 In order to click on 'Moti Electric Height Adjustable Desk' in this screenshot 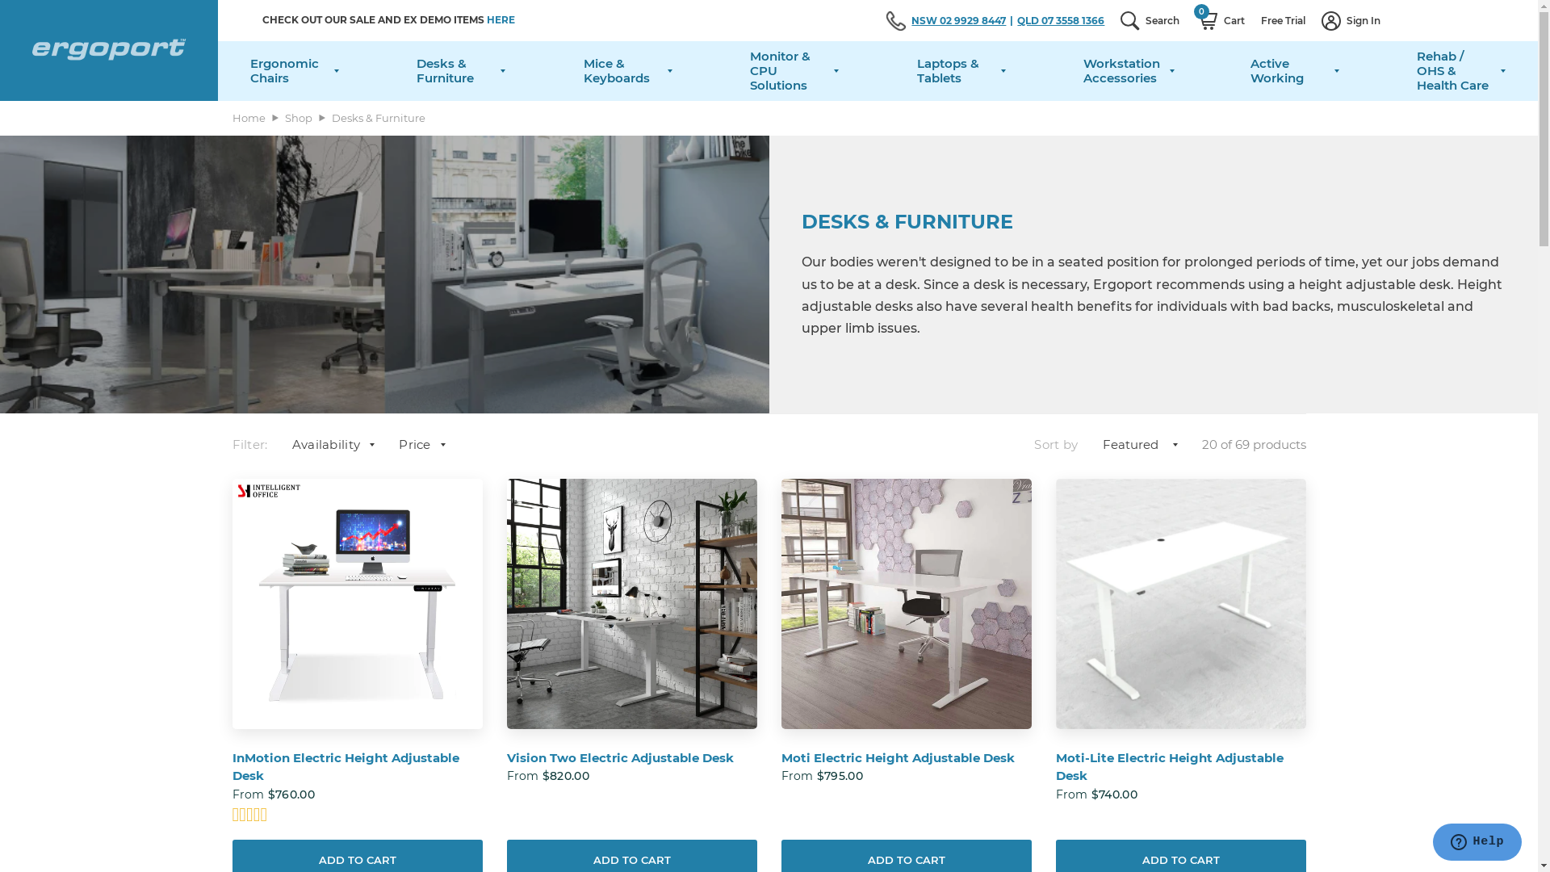, I will do `click(907, 758)`.